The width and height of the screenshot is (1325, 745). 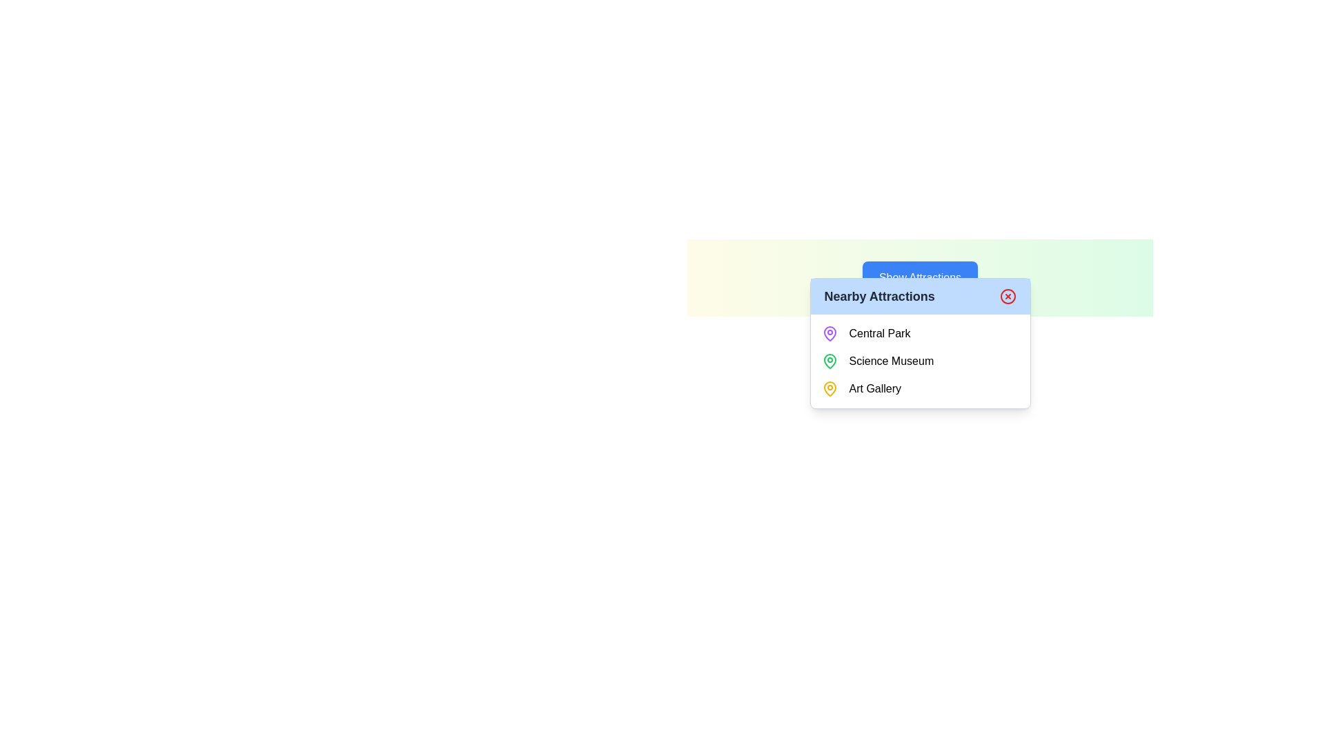 What do you see at coordinates (879, 295) in the screenshot?
I see `the 'Nearby Attractions' text label displayed in bold dark gray font within the blue header section of the popup component` at bounding box center [879, 295].